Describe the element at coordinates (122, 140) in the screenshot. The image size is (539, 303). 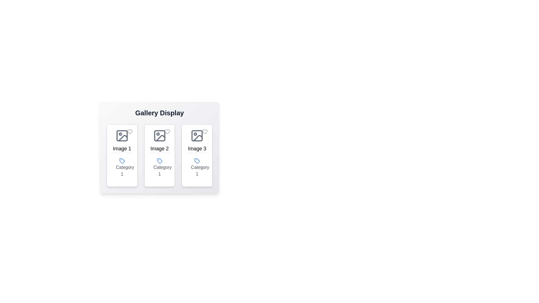
I see `the card labeled 'Image 1' that features a framed picture icon, positioned at the top-left of the image card grid` at that location.